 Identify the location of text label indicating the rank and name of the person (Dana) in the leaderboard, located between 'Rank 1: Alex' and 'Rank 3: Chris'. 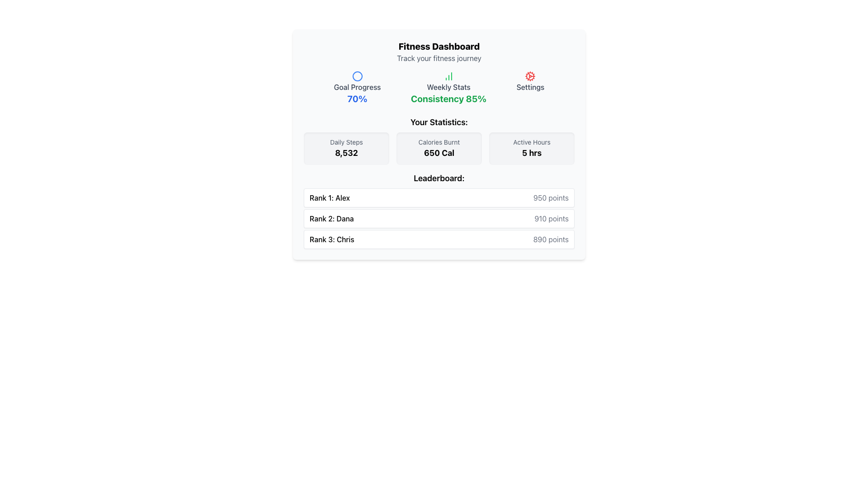
(331, 218).